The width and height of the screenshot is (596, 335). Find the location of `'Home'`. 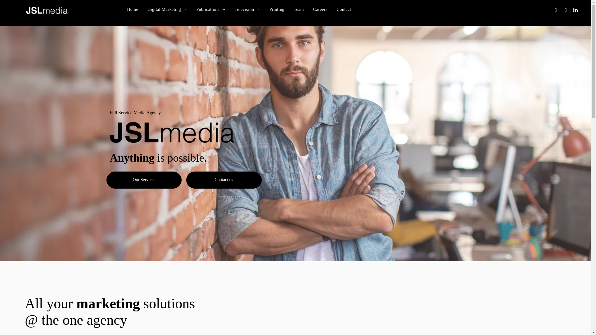

'Home' is located at coordinates (132, 9).